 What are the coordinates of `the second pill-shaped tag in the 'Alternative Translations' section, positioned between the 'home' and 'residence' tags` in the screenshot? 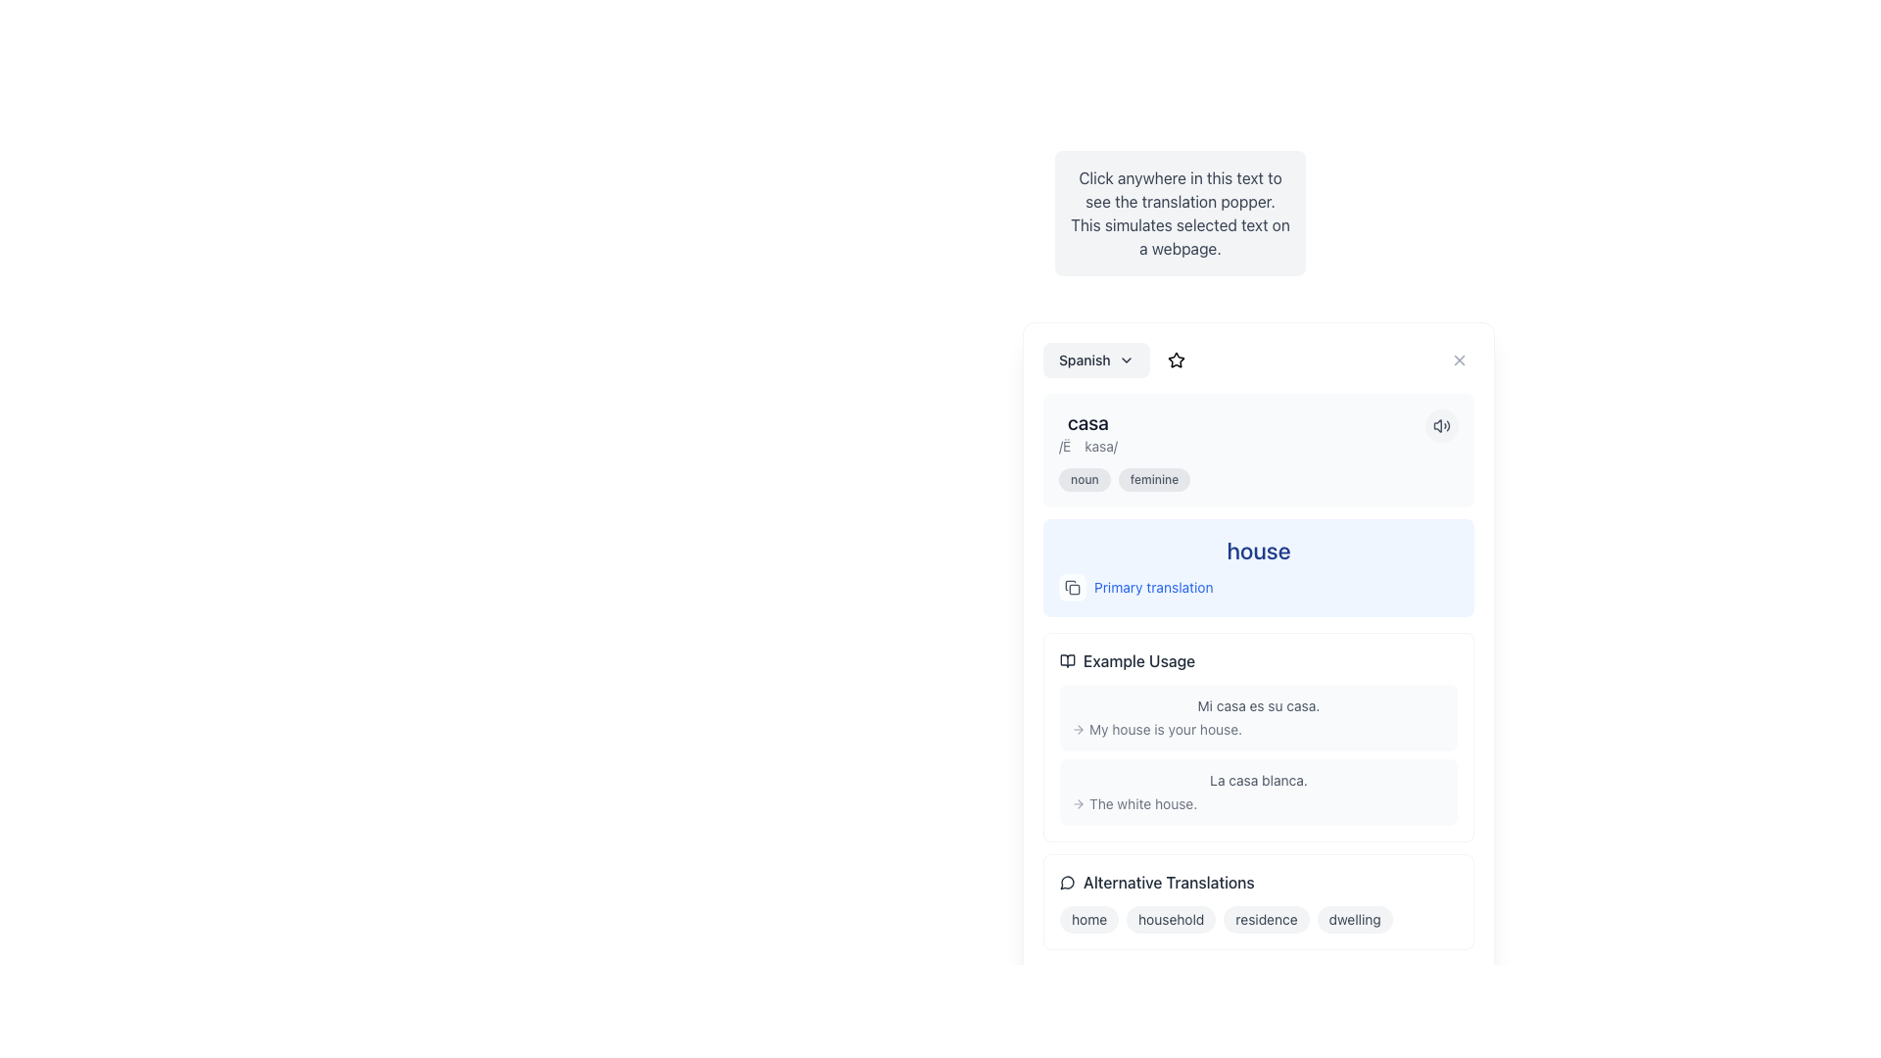 It's located at (1171, 919).